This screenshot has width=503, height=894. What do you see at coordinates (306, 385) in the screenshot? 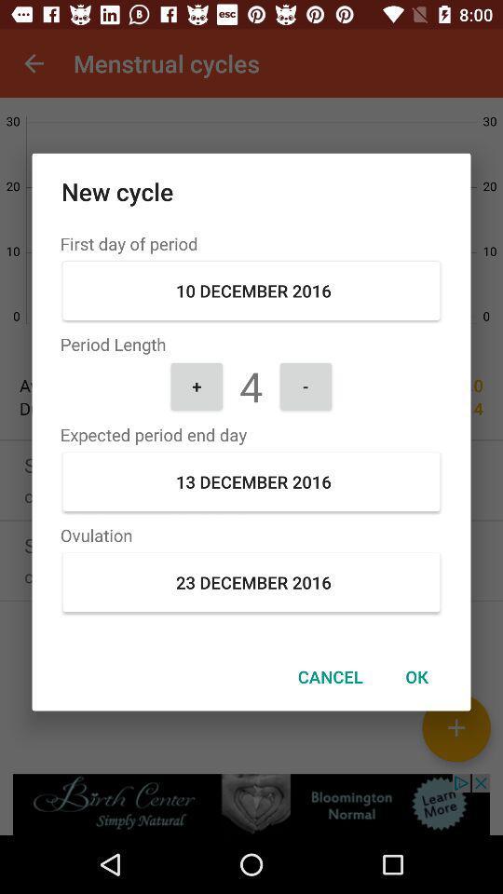
I see `icon below the period length` at bounding box center [306, 385].